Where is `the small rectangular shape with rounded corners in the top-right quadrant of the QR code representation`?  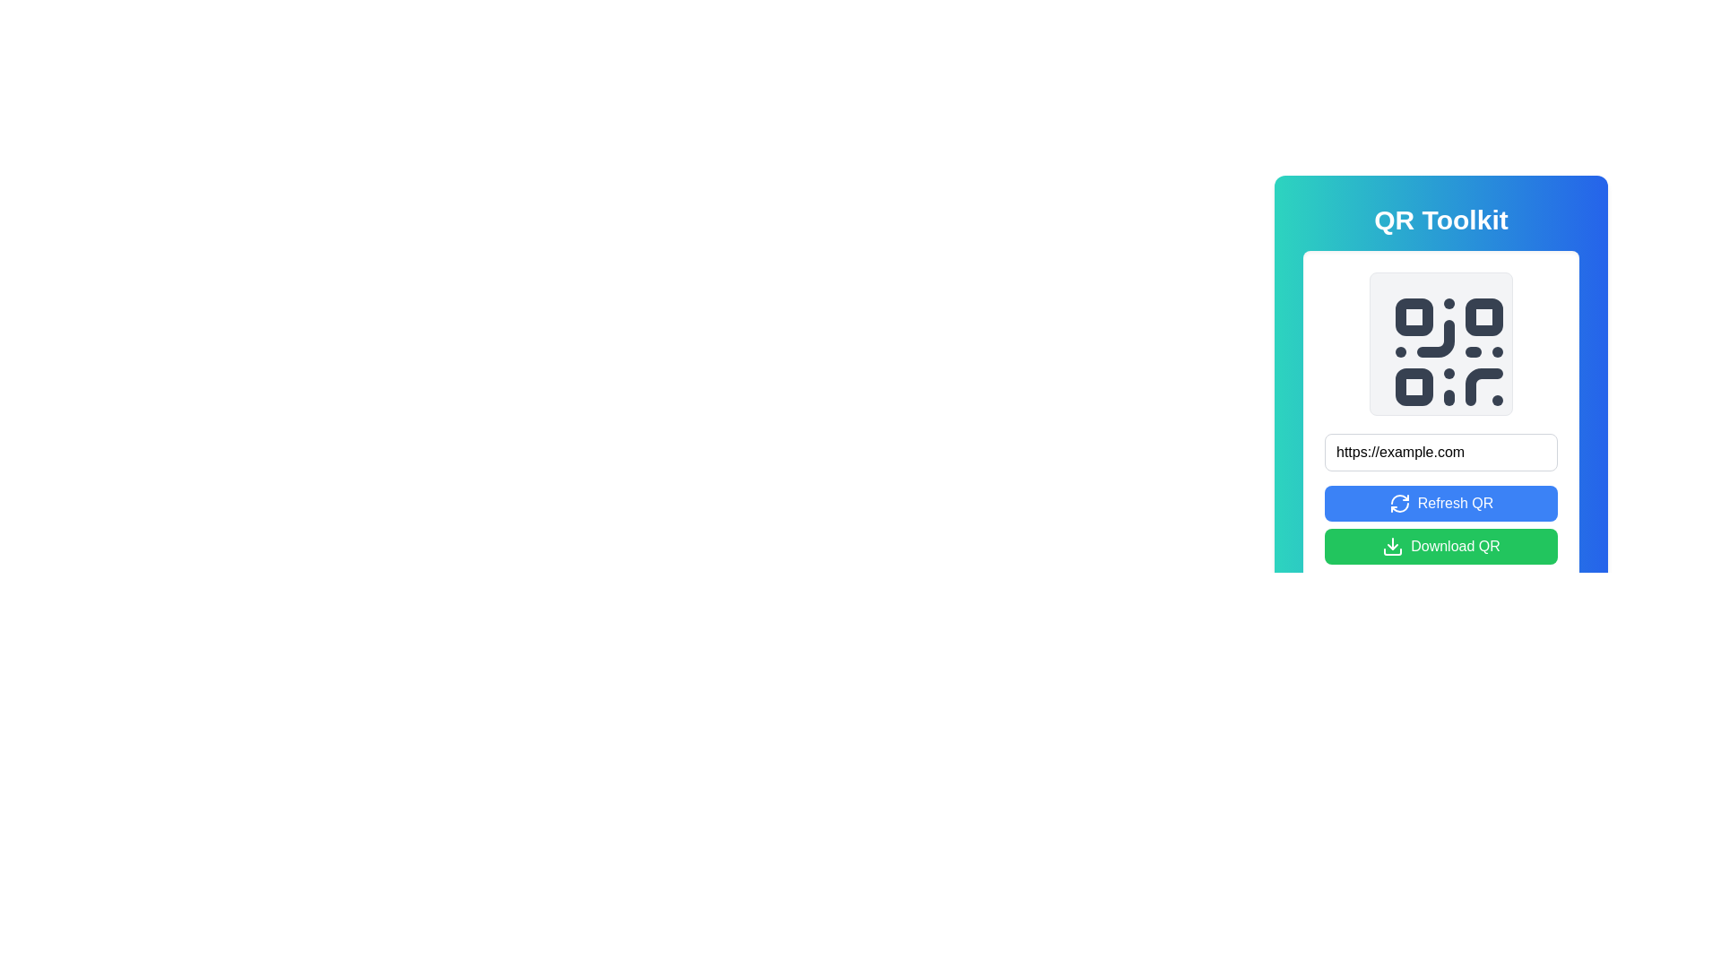
the small rectangular shape with rounded corners in the top-right quadrant of the QR code representation is located at coordinates (1484, 316).